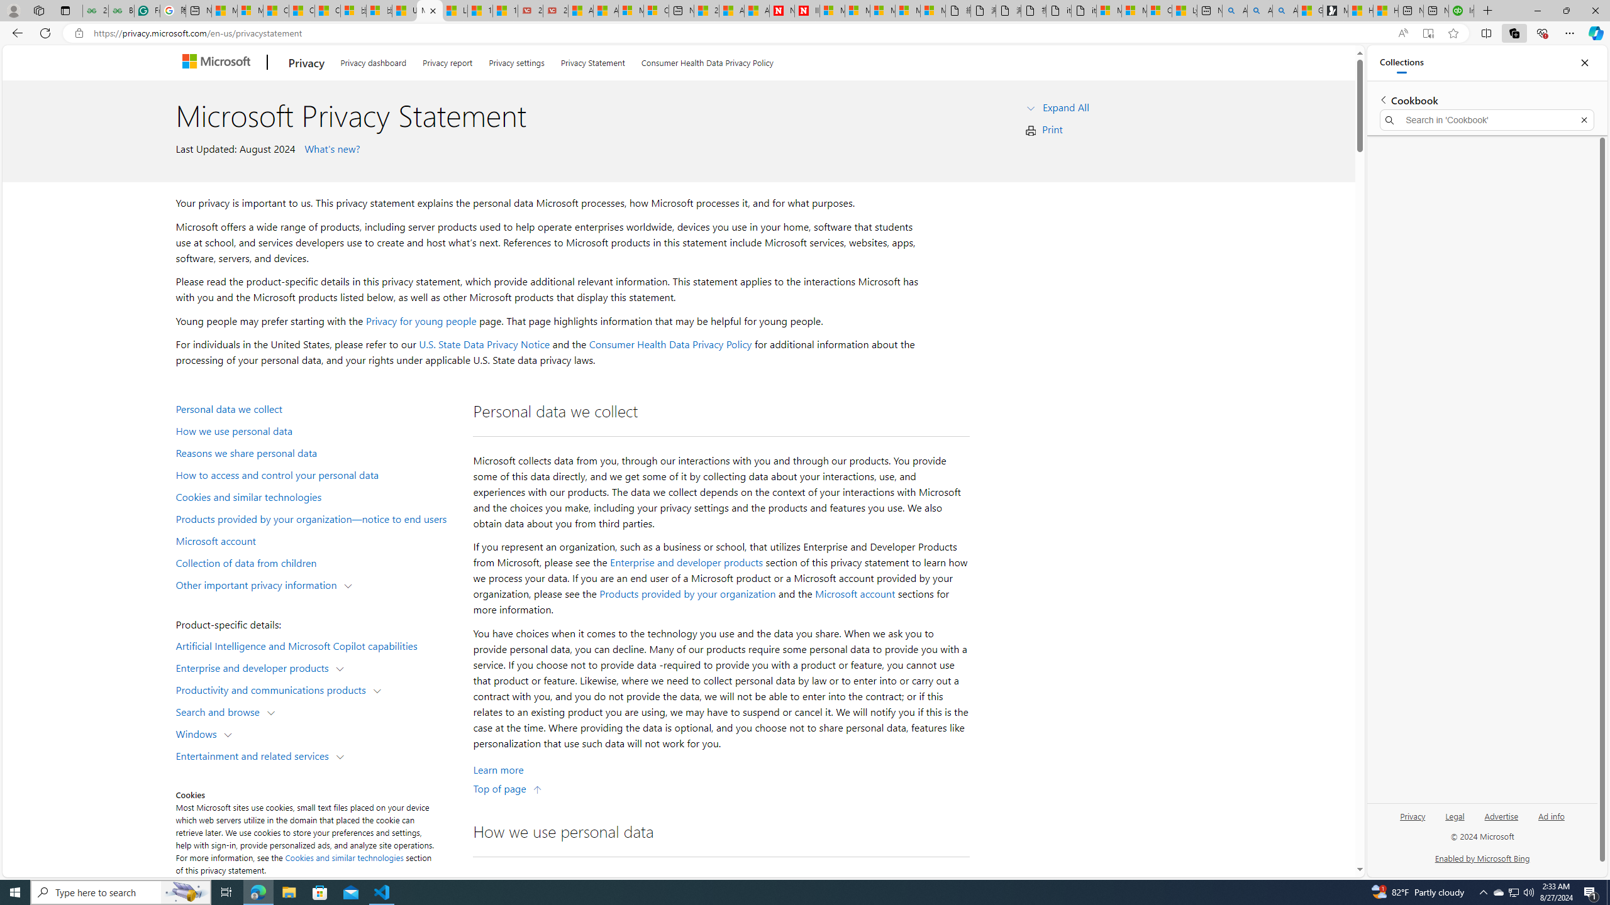  I want to click on 'Privacy settings', so click(516, 60).